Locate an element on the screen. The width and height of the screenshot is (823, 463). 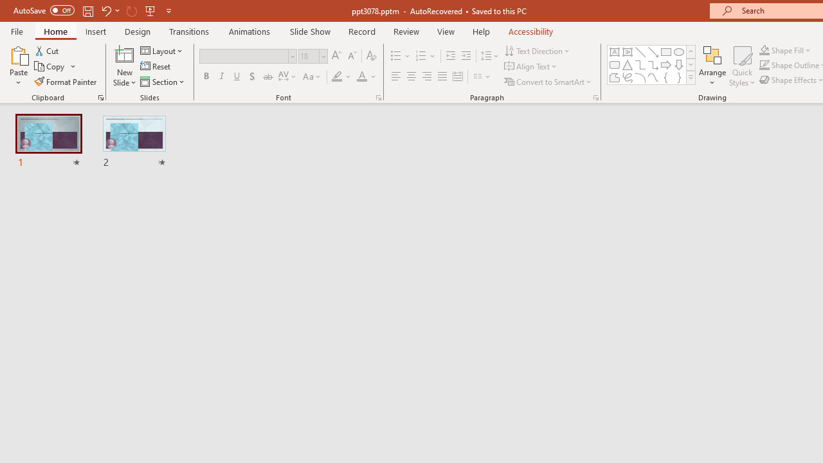
'Arc' is located at coordinates (640, 77).